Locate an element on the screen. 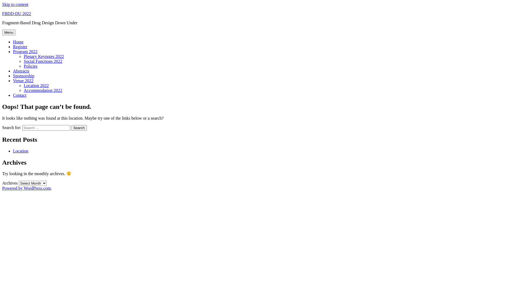  'Powered by WordPress.com' is located at coordinates (26, 188).